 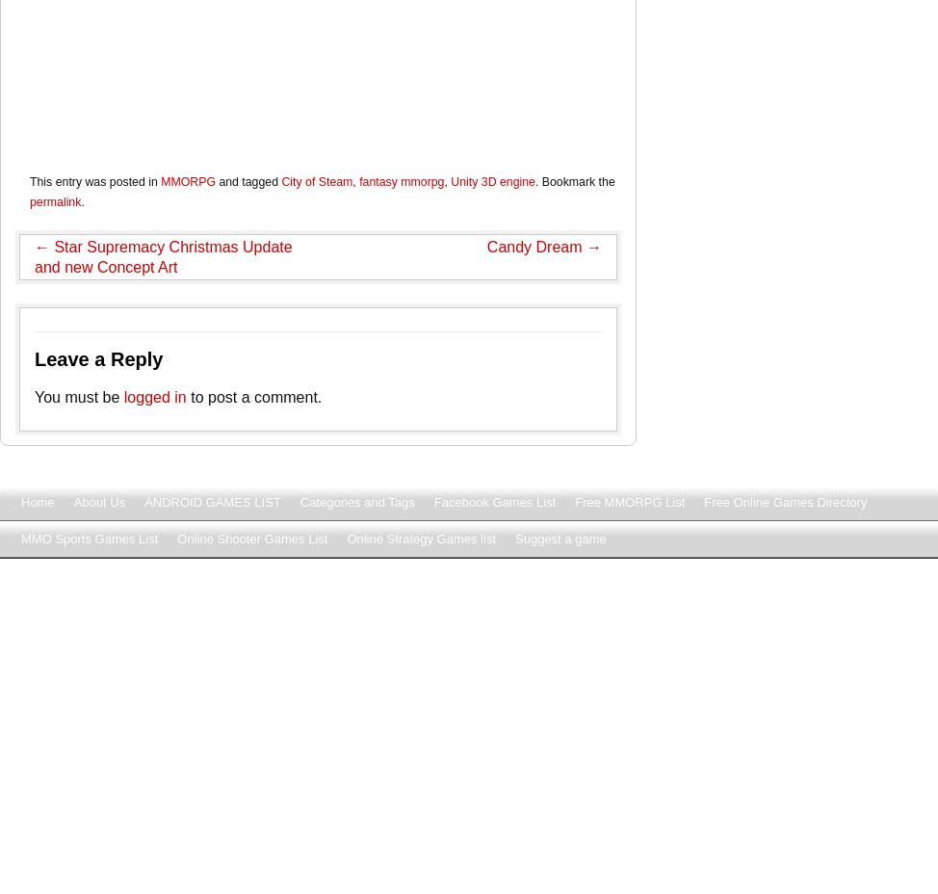 What do you see at coordinates (93, 181) in the screenshot?
I see `'This entry was posted in'` at bounding box center [93, 181].